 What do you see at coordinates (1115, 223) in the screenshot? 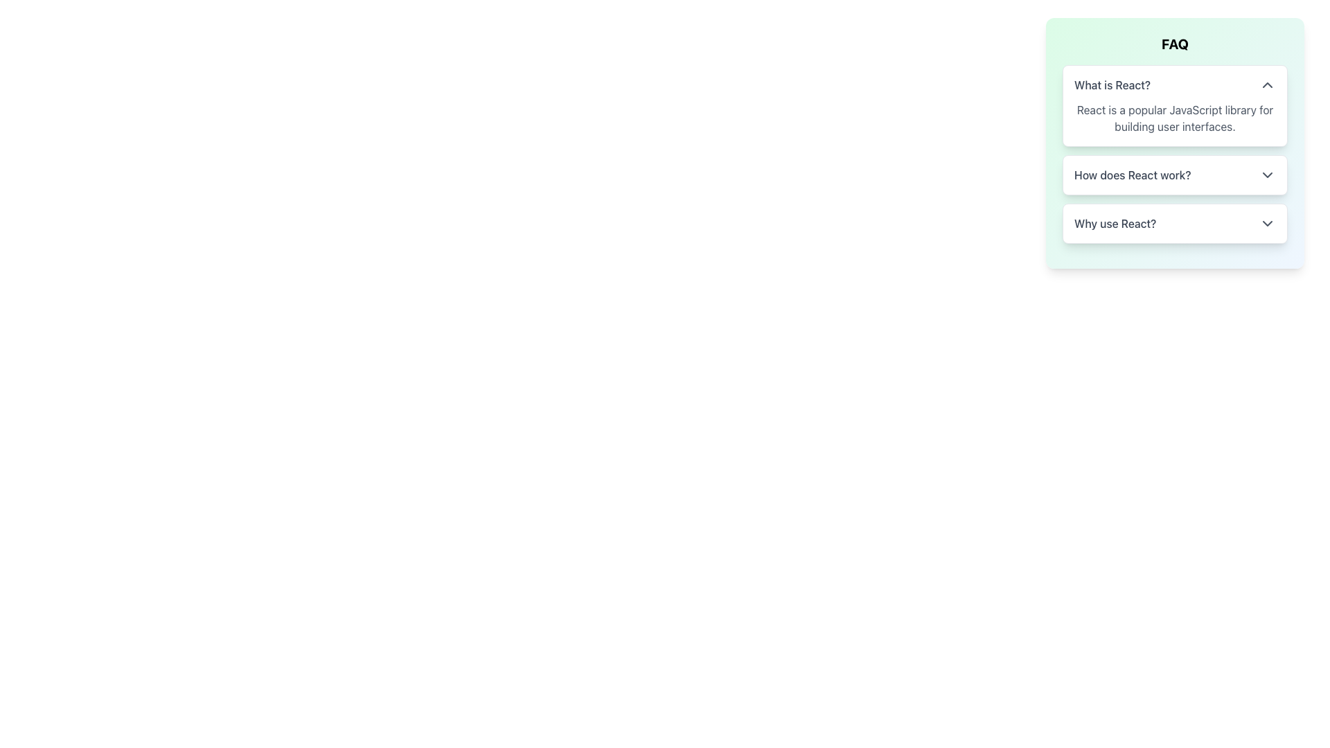
I see `the area adjacent to the text displaying the question 'Why use React?' to interact with the dropdown options in the FAQ section` at bounding box center [1115, 223].